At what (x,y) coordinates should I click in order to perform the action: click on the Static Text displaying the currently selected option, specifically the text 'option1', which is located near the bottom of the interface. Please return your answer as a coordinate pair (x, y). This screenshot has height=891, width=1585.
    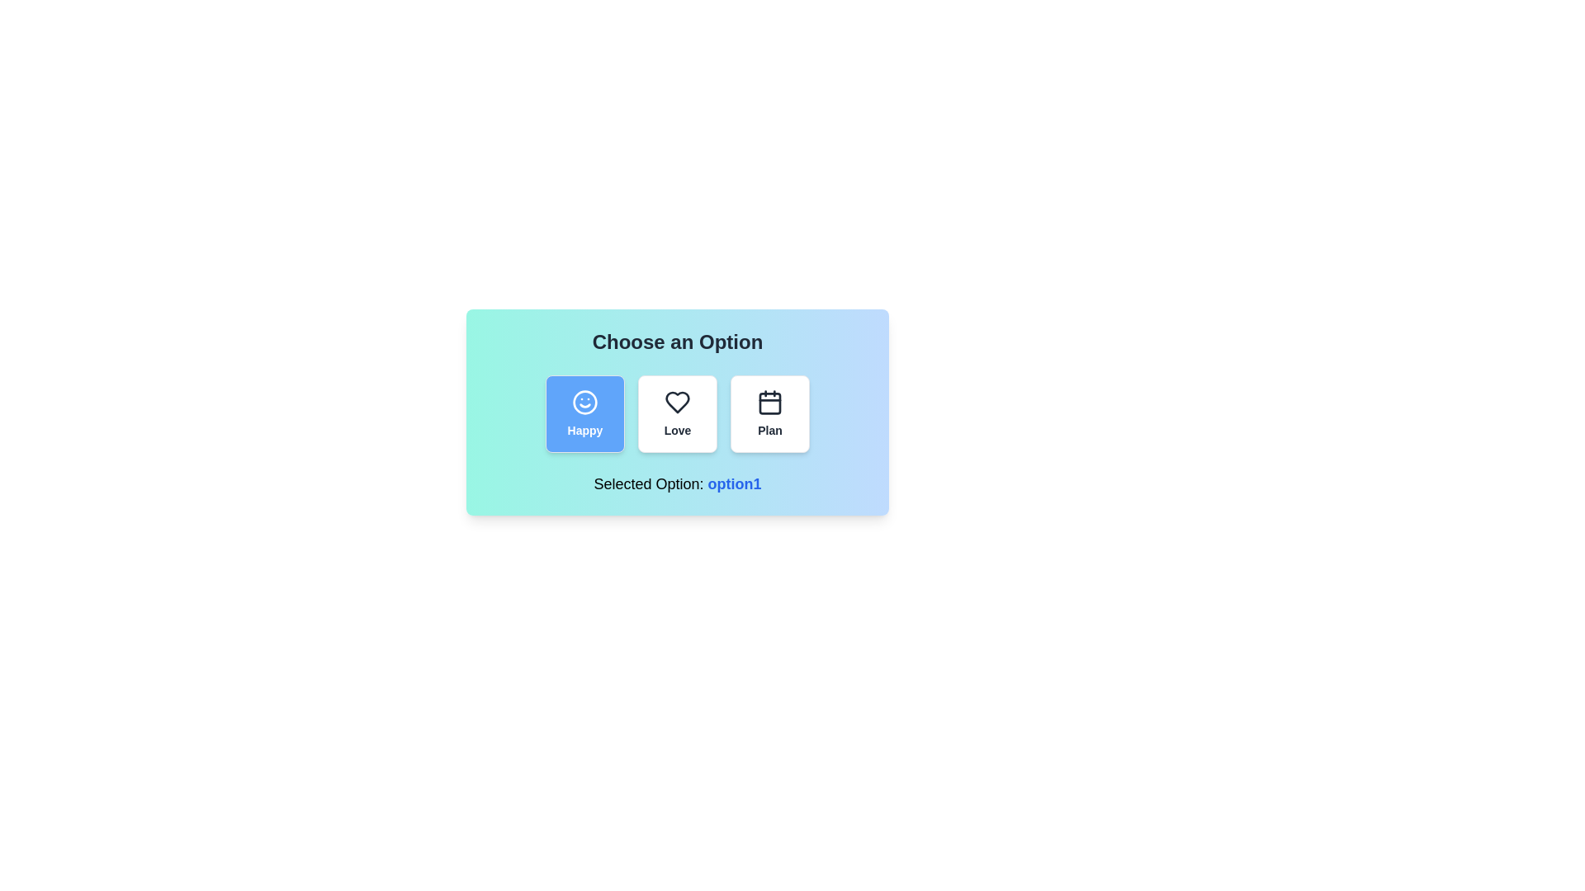
    Looking at the image, I should click on (734, 483).